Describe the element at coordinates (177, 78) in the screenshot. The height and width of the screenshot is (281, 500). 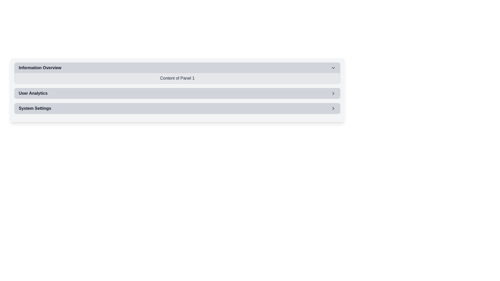
I see `content from the Text Display Block that has a gray background and contains the text 'Content of Panel 1', located under the 'Information Overview' header` at that location.